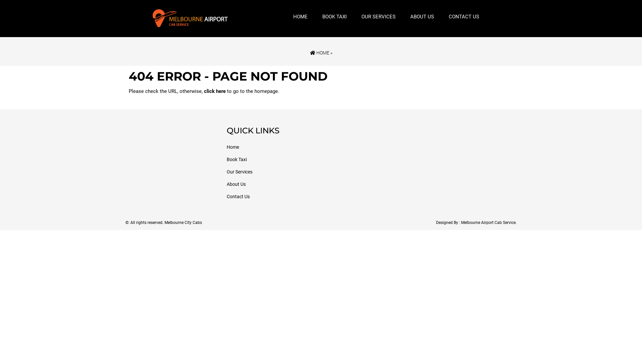  What do you see at coordinates (445, 17) in the screenshot?
I see `'CONTACT US'` at bounding box center [445, 17].